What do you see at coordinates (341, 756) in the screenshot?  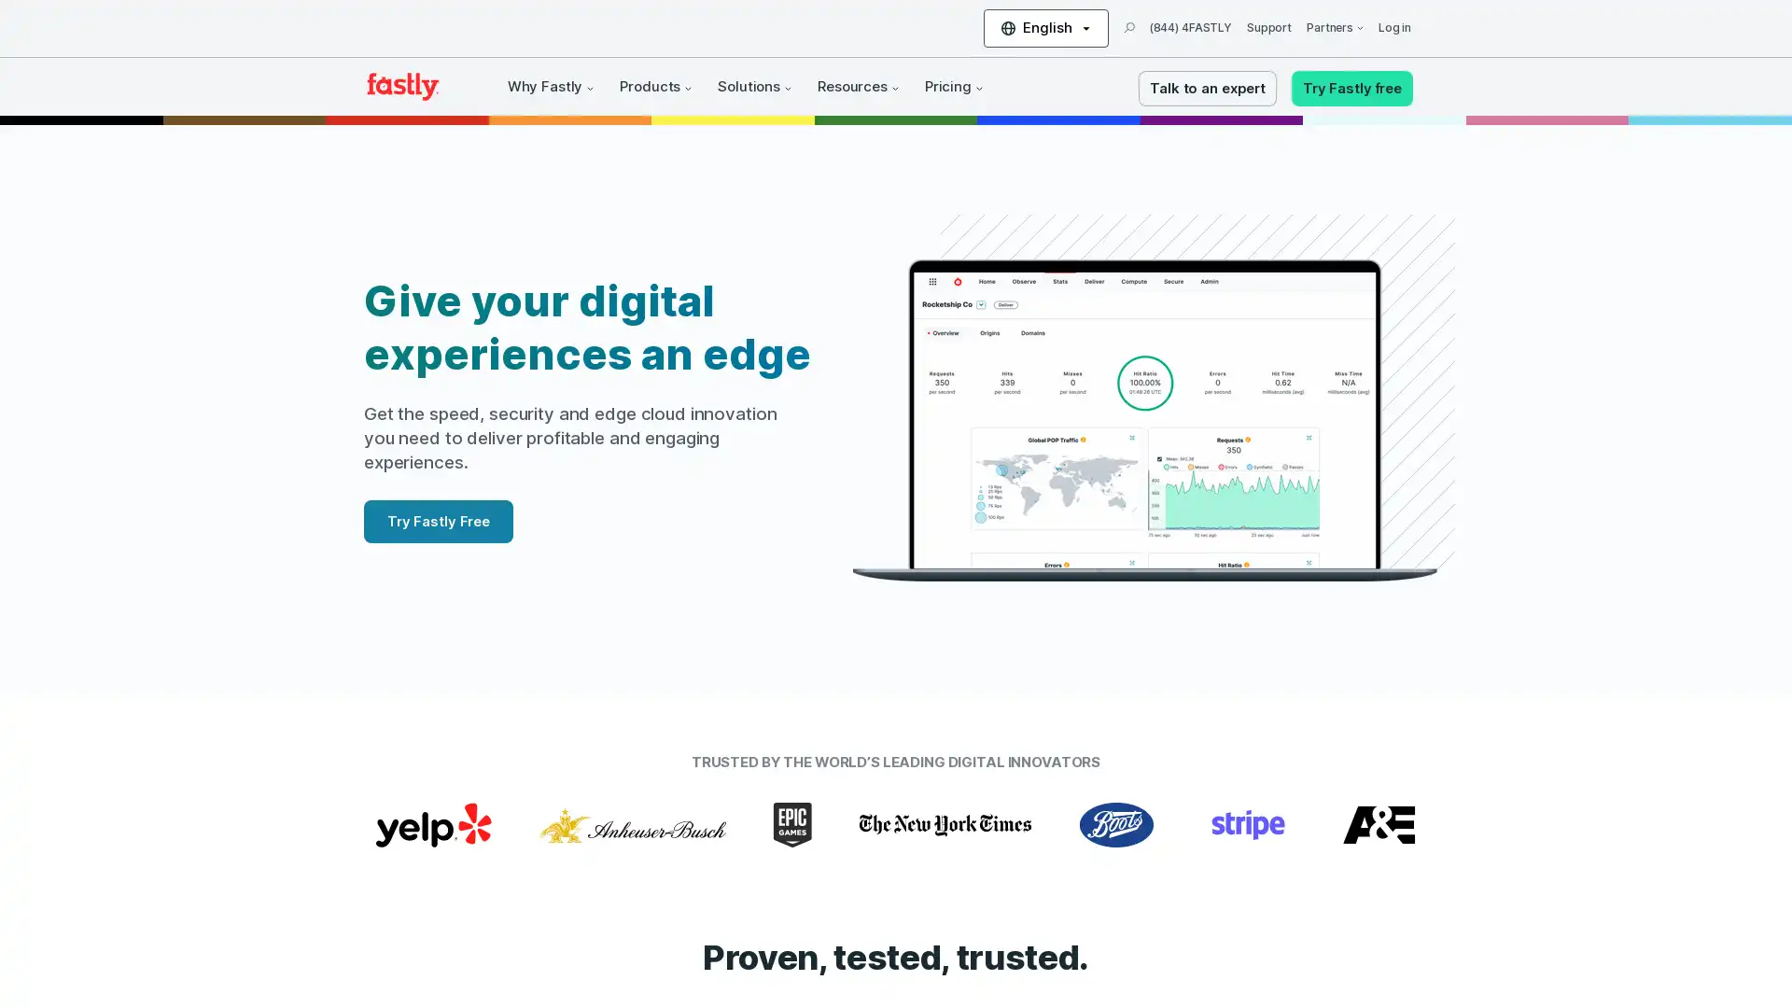 I see `Close` at bounding box center [341, 756].